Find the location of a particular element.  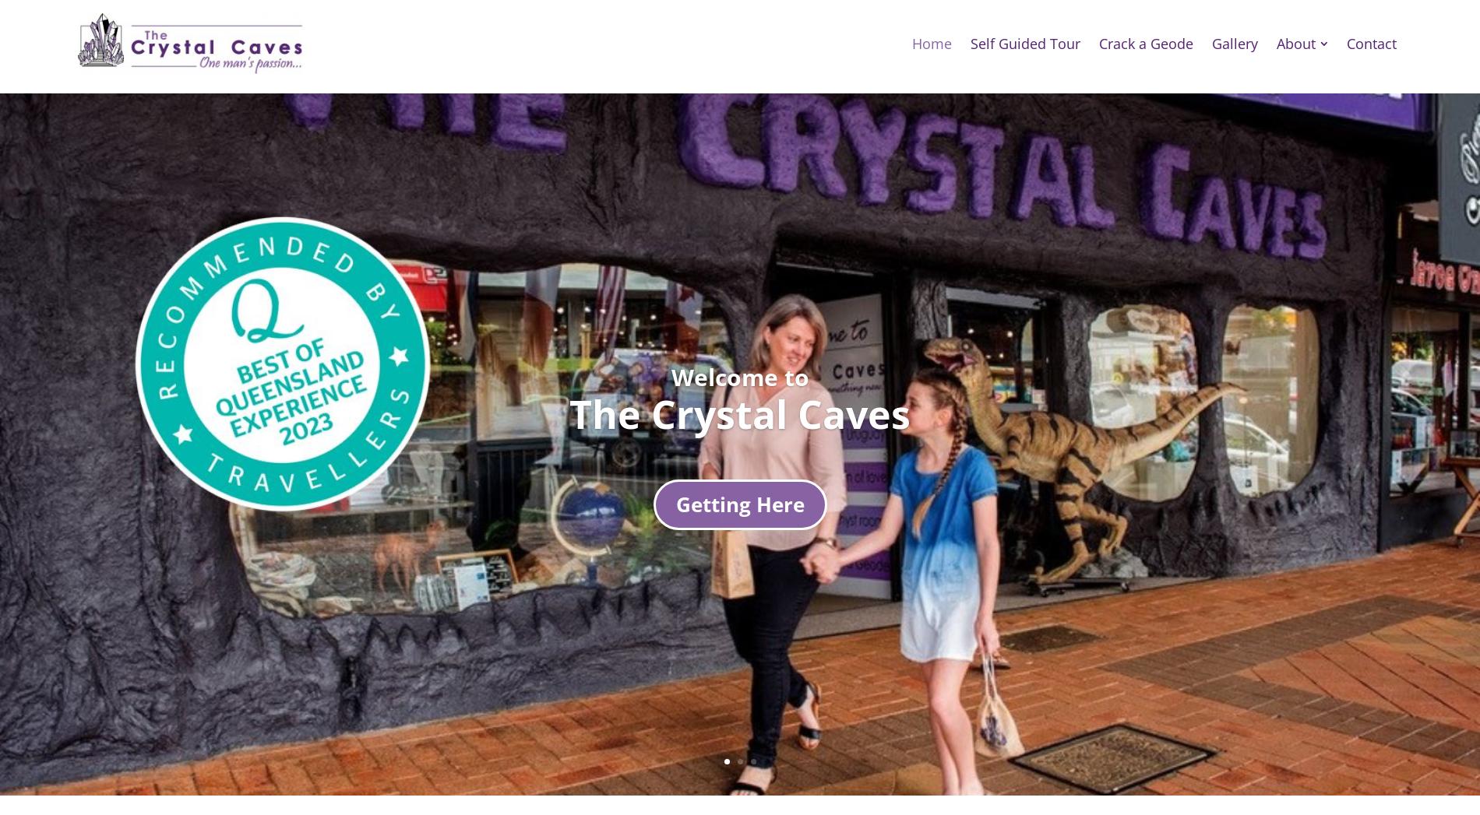

'Self Guided Tour' is located at coordinates (970, 51).